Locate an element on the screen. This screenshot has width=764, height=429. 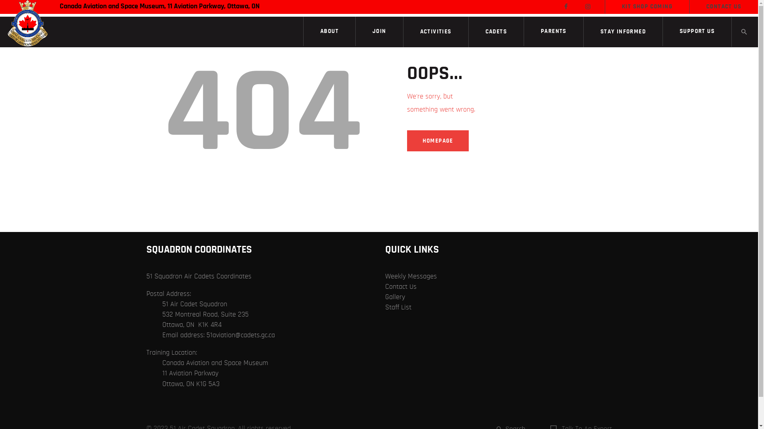
'HOMEPAGE' is located at coordinates (407, 140).